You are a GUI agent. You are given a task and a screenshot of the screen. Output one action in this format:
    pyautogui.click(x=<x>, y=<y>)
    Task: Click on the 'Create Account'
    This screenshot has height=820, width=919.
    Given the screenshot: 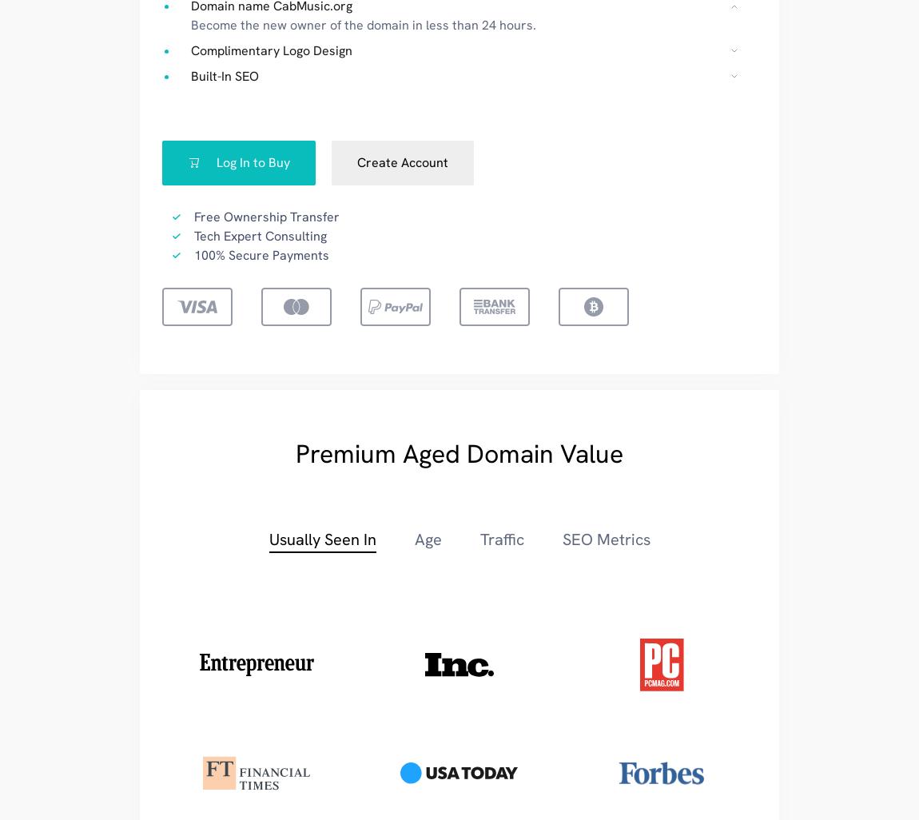 What is the action you would take?
    pyautogui.click(x=403, y=161)
    